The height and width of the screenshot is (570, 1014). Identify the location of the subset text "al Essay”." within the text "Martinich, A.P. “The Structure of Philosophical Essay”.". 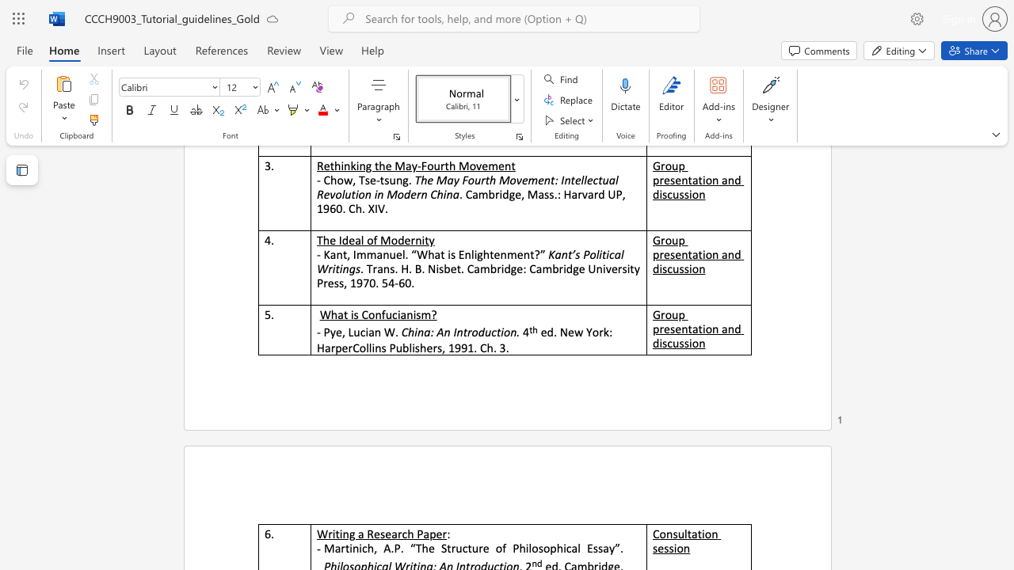
(570, 547).